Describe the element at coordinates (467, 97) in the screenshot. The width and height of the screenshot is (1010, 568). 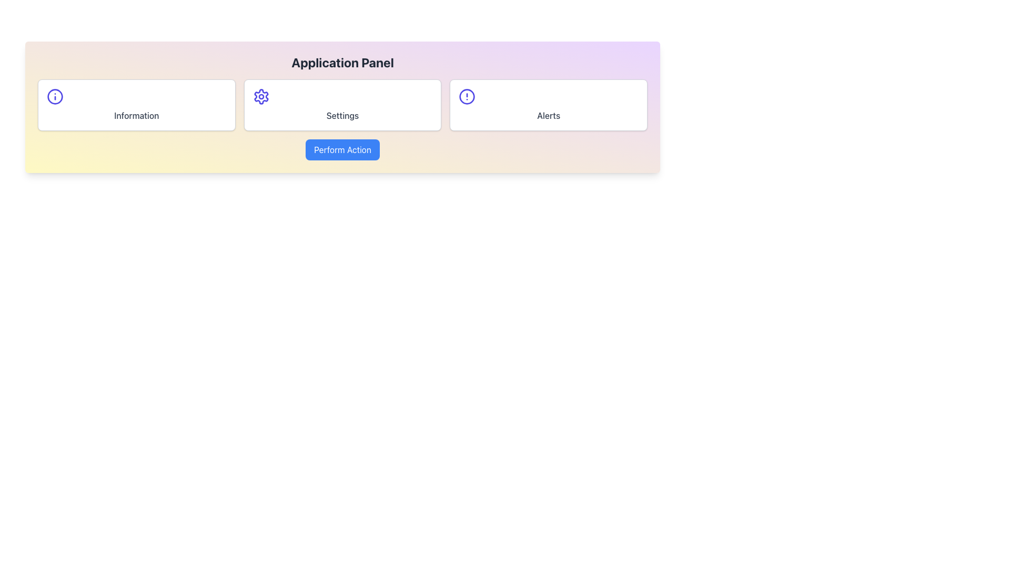
I see `the indigo exclamation mark icon located at the top-left corner of the 'Alerts' card` at that location.